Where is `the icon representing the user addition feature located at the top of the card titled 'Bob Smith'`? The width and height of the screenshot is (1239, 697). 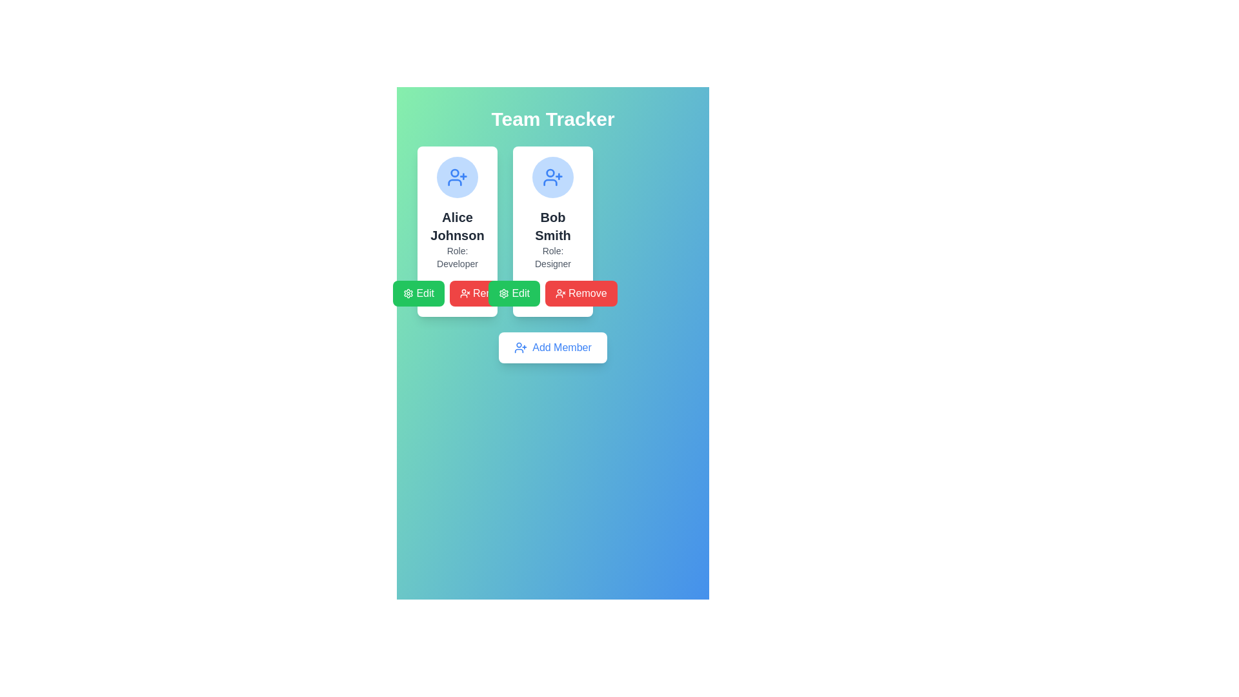 the icon representing the user addition feature located at the top of the card titled 'Bob Smith' is located at coordinates (553, 177).